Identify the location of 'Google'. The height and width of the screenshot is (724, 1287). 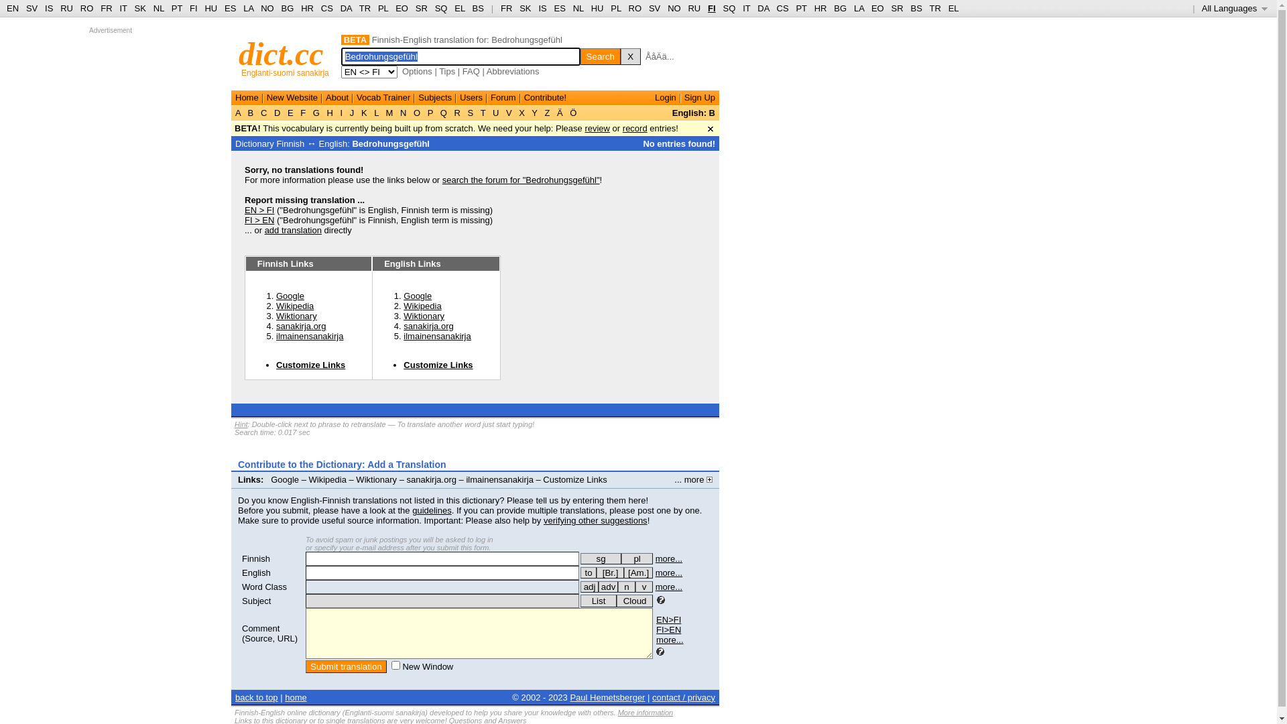
(284, 479).